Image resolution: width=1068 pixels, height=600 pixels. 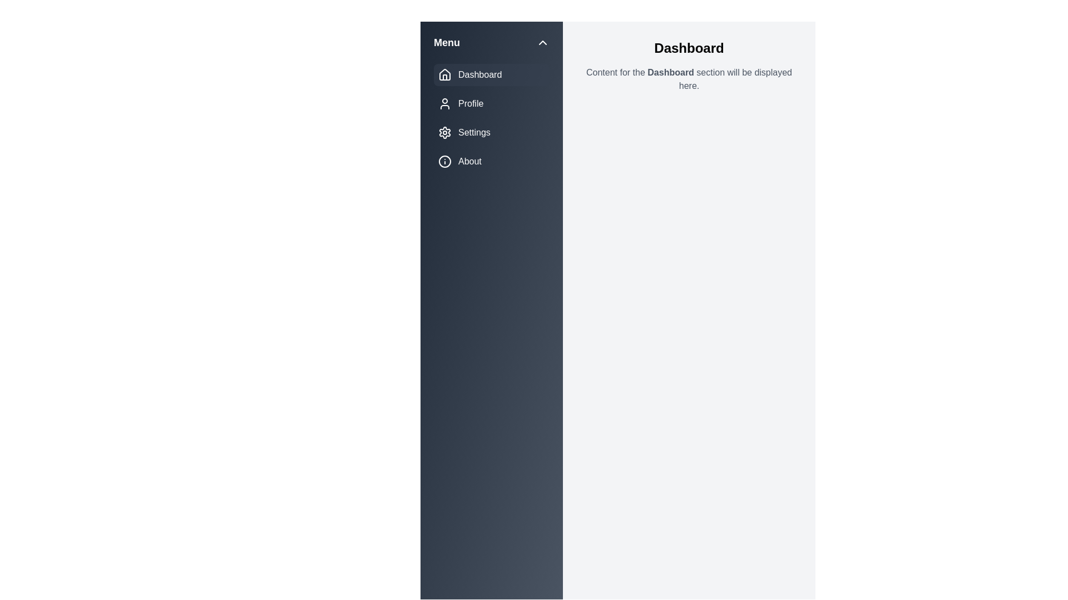 What do you see at coordinates (445, 161) in the screenshot?
I see `the circular icon in the sidebar menu that represents the 'About' menu item, which is visually minimalistic with a thin border` at bounding box center [445, 161].